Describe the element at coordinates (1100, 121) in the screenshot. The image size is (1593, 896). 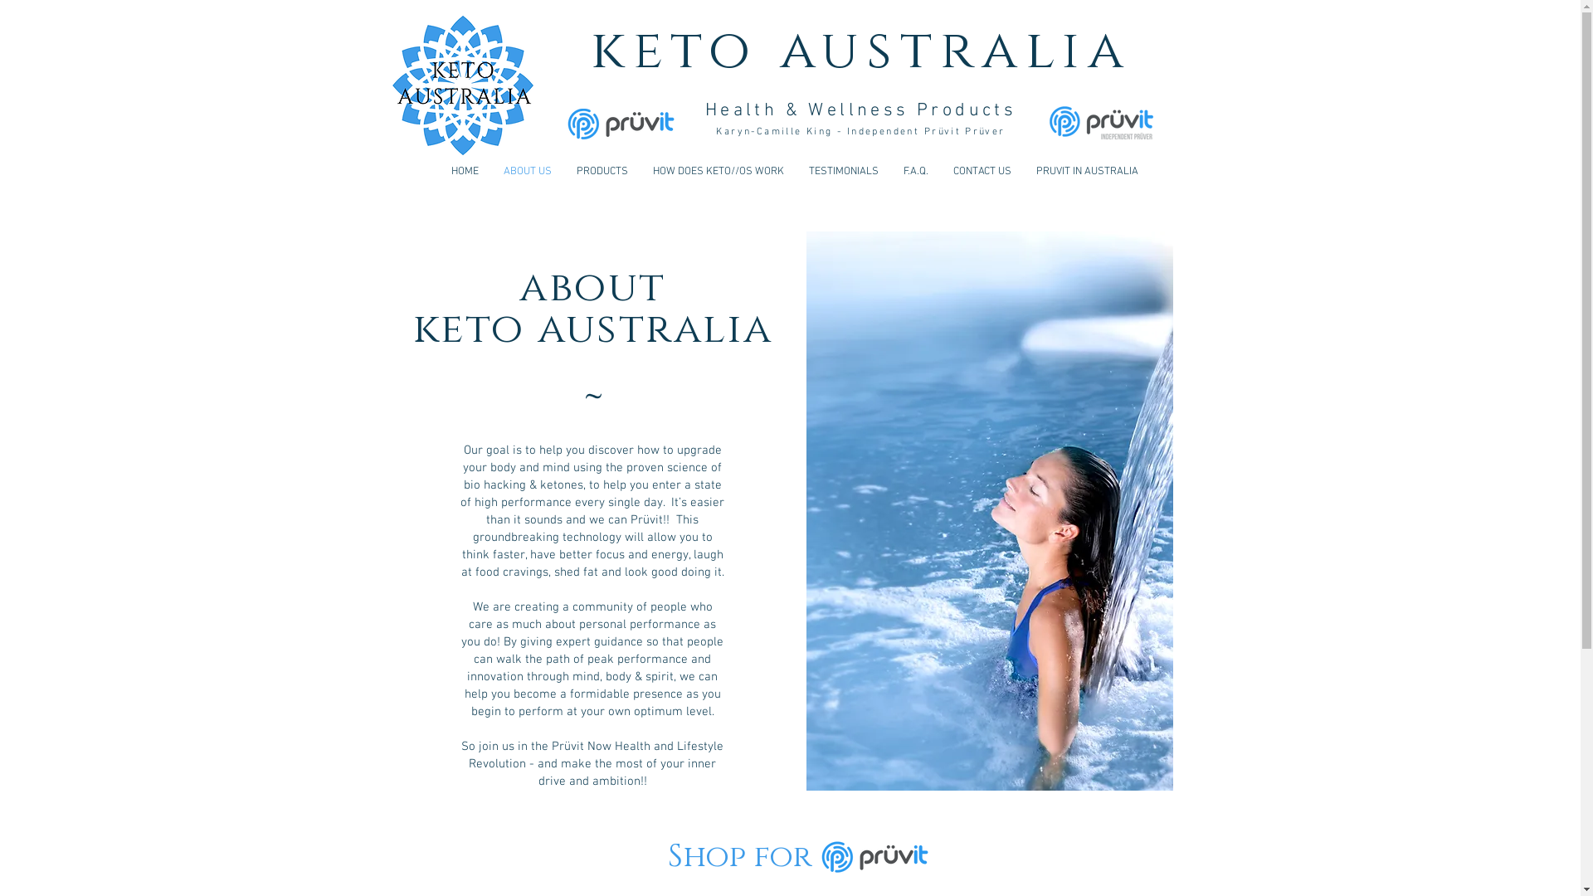
I see `'IPP Logo.png'` at that location.